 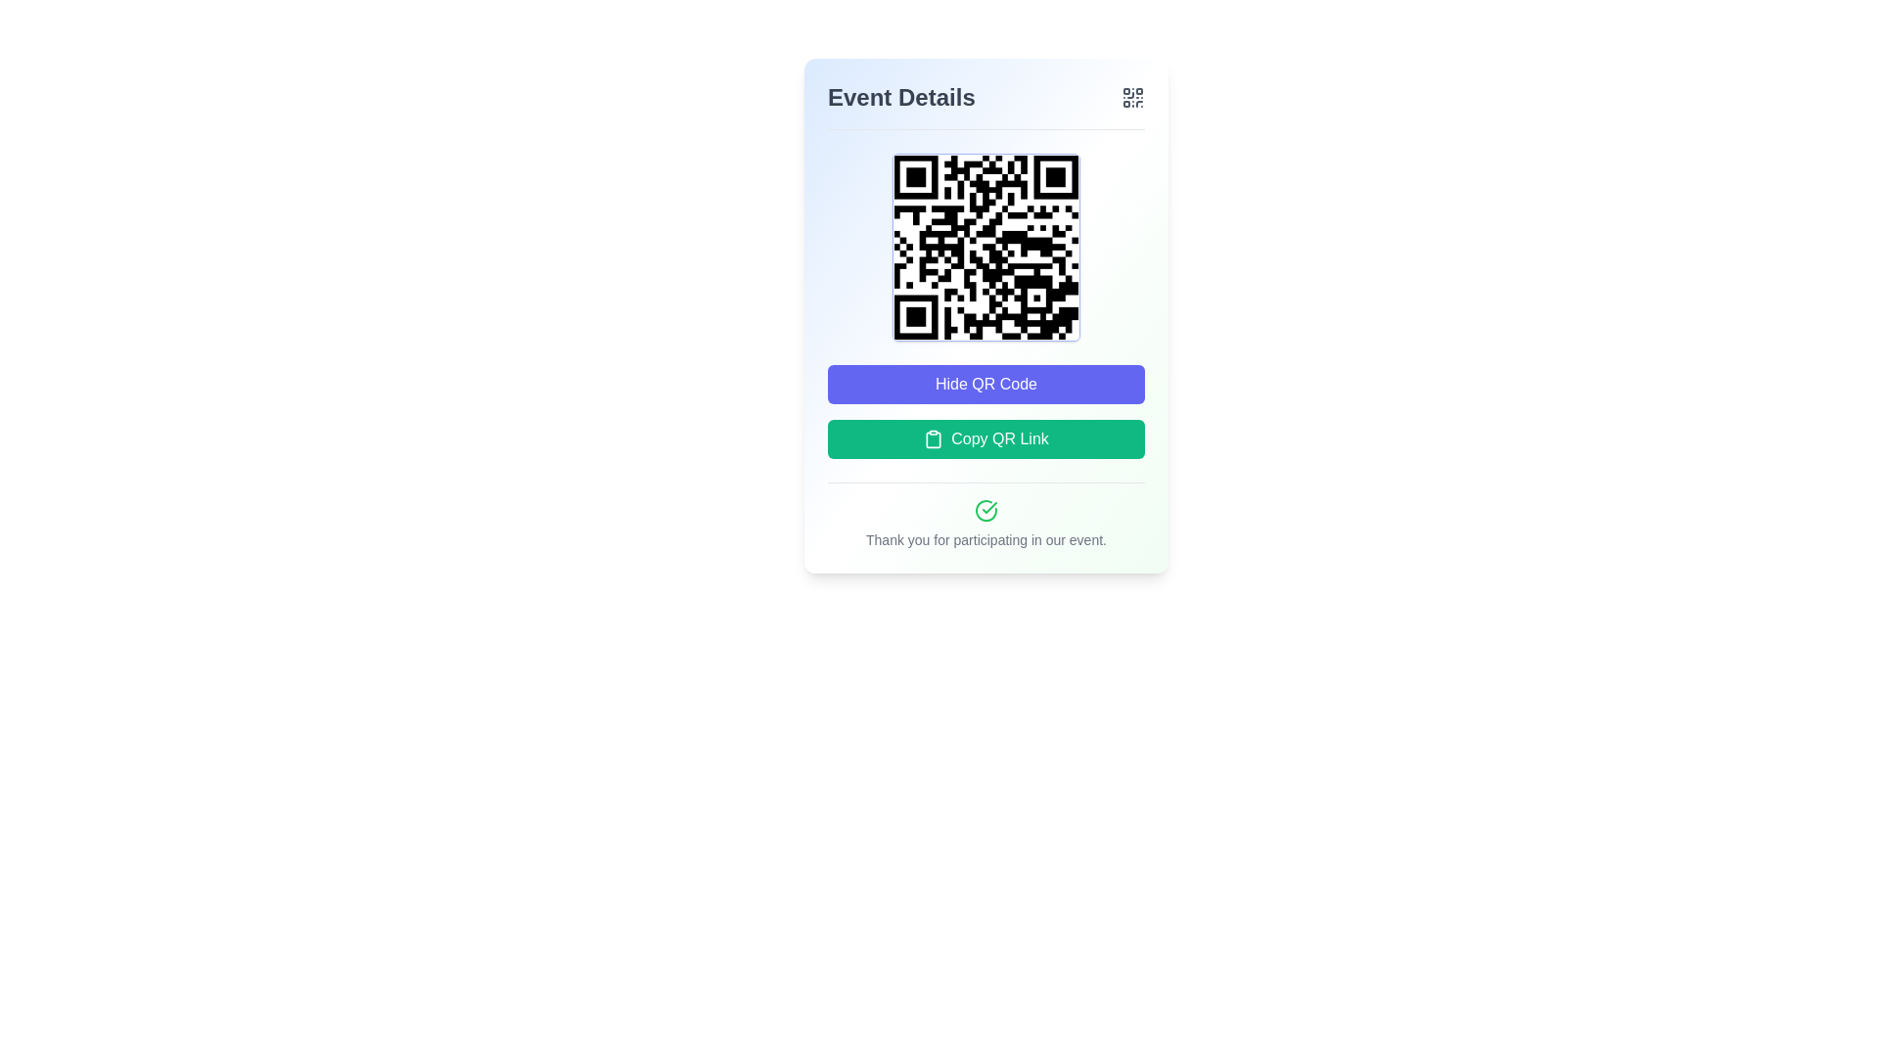 What do you see at coordinates (986, 247) in the screenshot?
I see `the QR code display located within the 'Event Details' content card` at bounding box center [986, 247].